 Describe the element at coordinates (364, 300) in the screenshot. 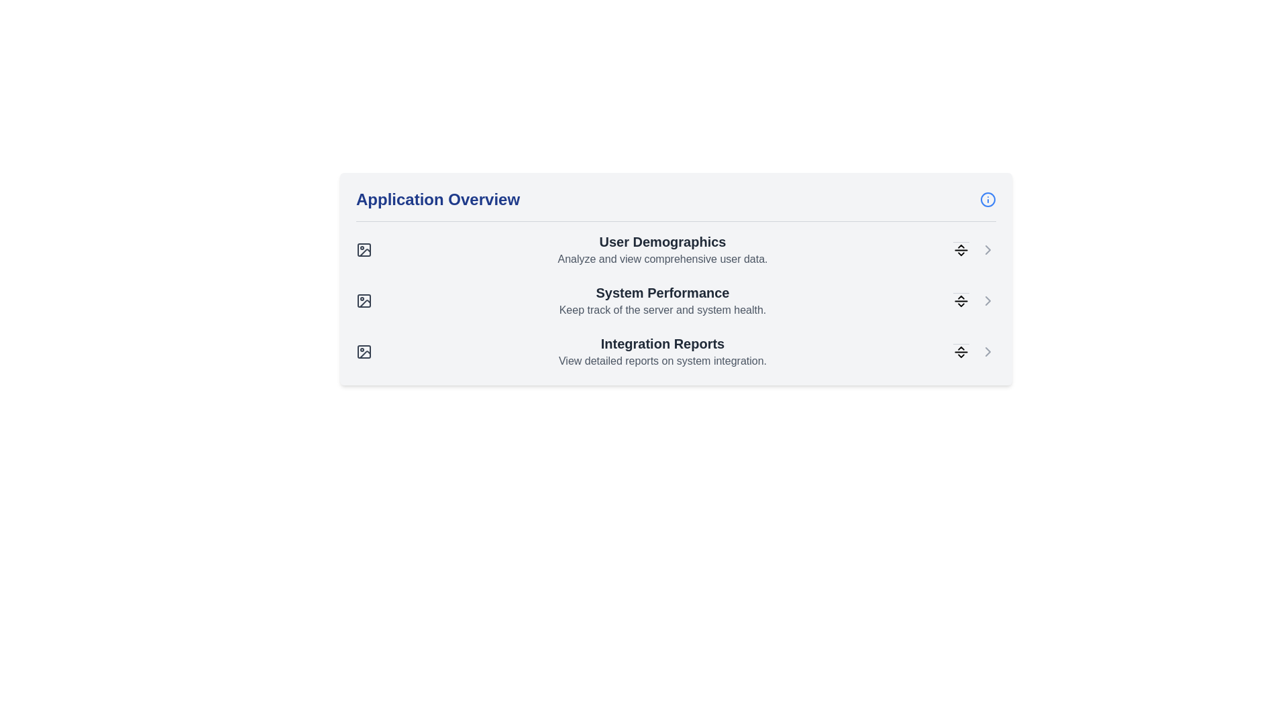

I see `the icon representing 'System Performance' located on the left side of its row within the 'Application Overview' section` at that location.